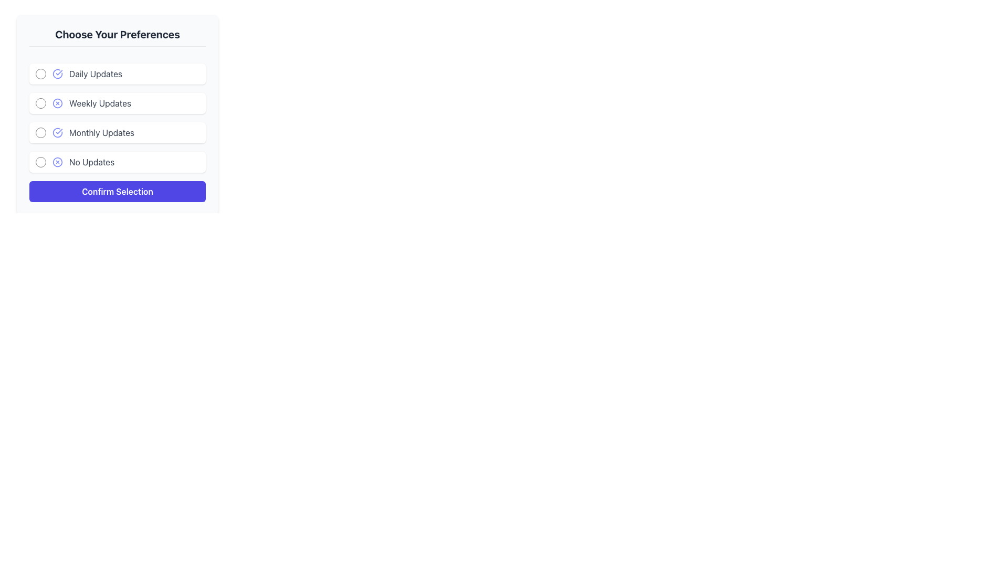  What do you see at coordinates (57, 162) in the screenshot?
I see `the circular indigo icon with a cross inside, located next to the 'No Updates' text label in the selectable options list` at bounding box center [57, 162].